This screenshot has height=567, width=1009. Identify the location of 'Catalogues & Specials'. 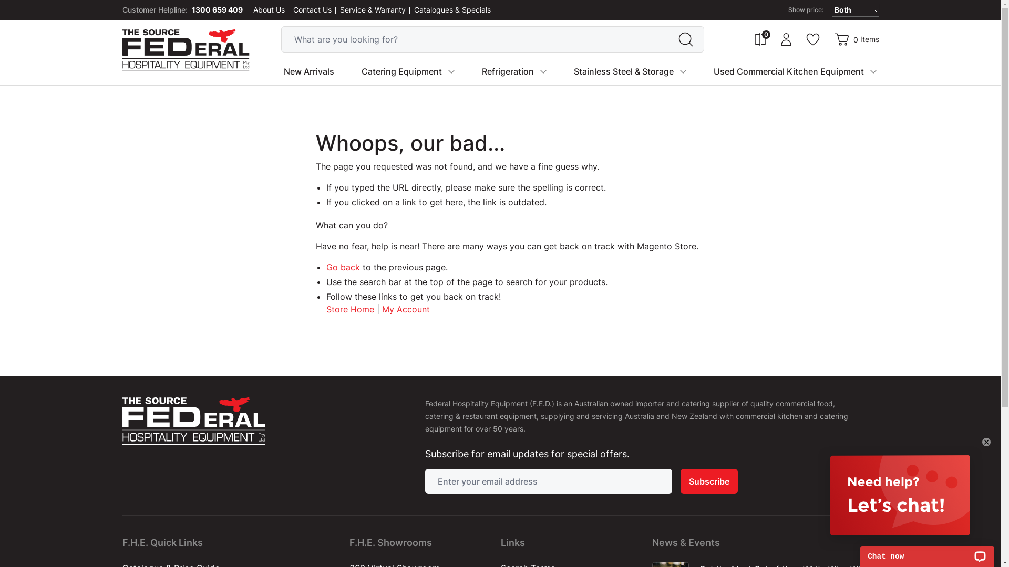
(452, 10).